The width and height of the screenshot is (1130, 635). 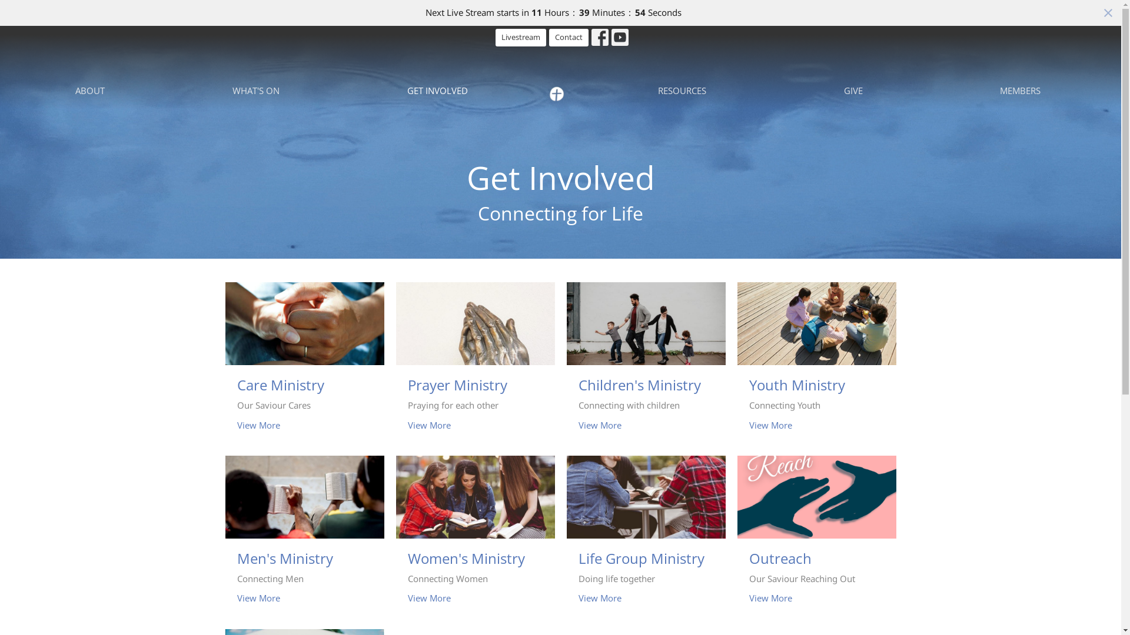 I want to click on 'Contact', so click(x=569, y=37).